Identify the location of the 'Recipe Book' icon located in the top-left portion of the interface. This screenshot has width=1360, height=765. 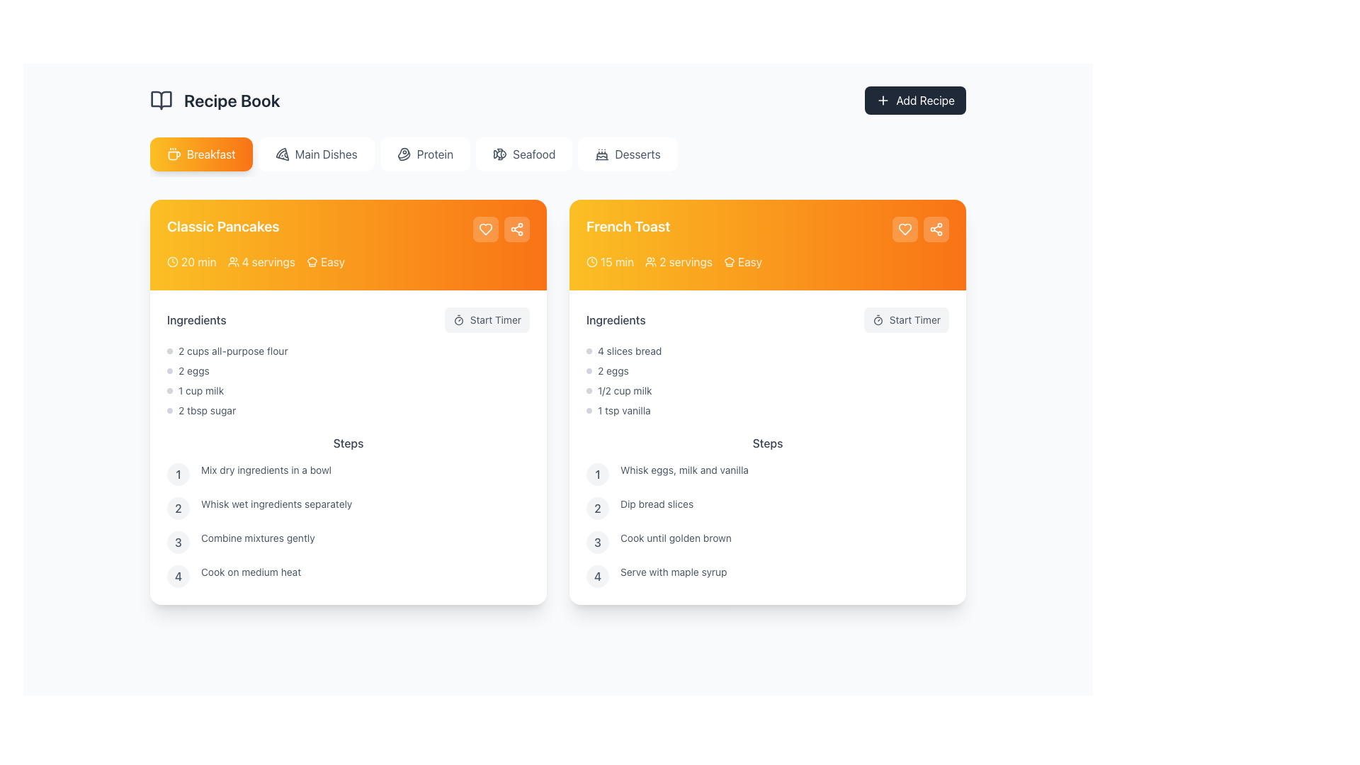
(161, 100).